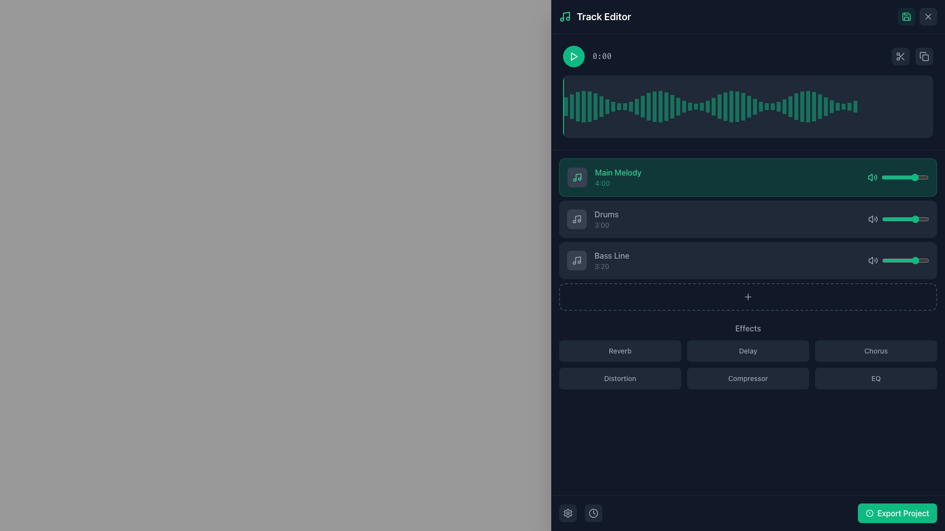 Image resolution: width=945 pixels, height=531 pixels. Describe the element at coordinates (923, 57) in the screenshot. I see `the 'copy' icon button located in the upper-right corner of the interface` at that location.